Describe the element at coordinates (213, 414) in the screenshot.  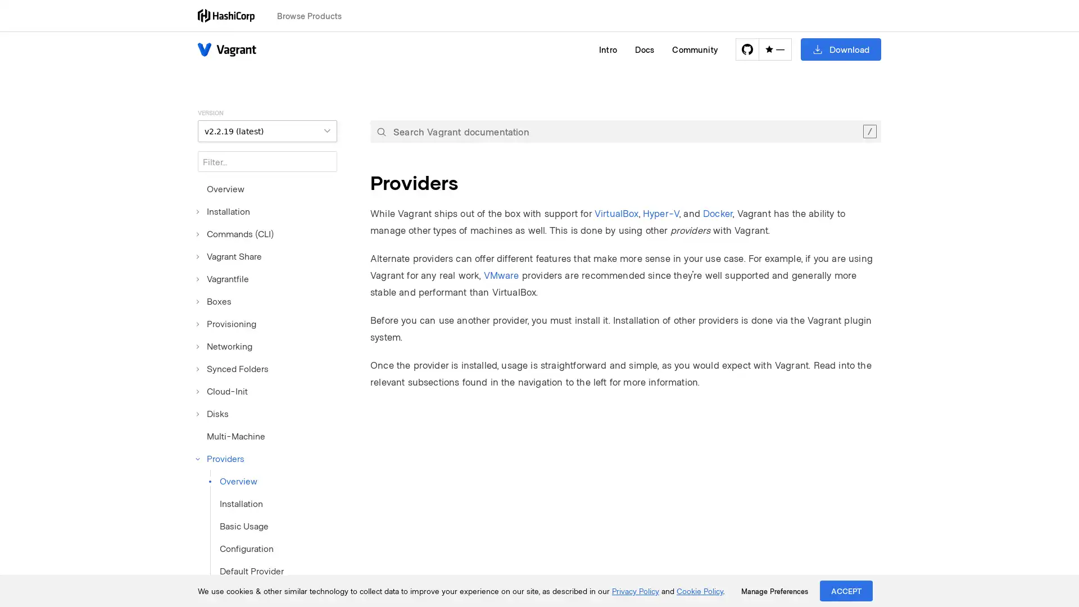
I see `Disks` at that location.